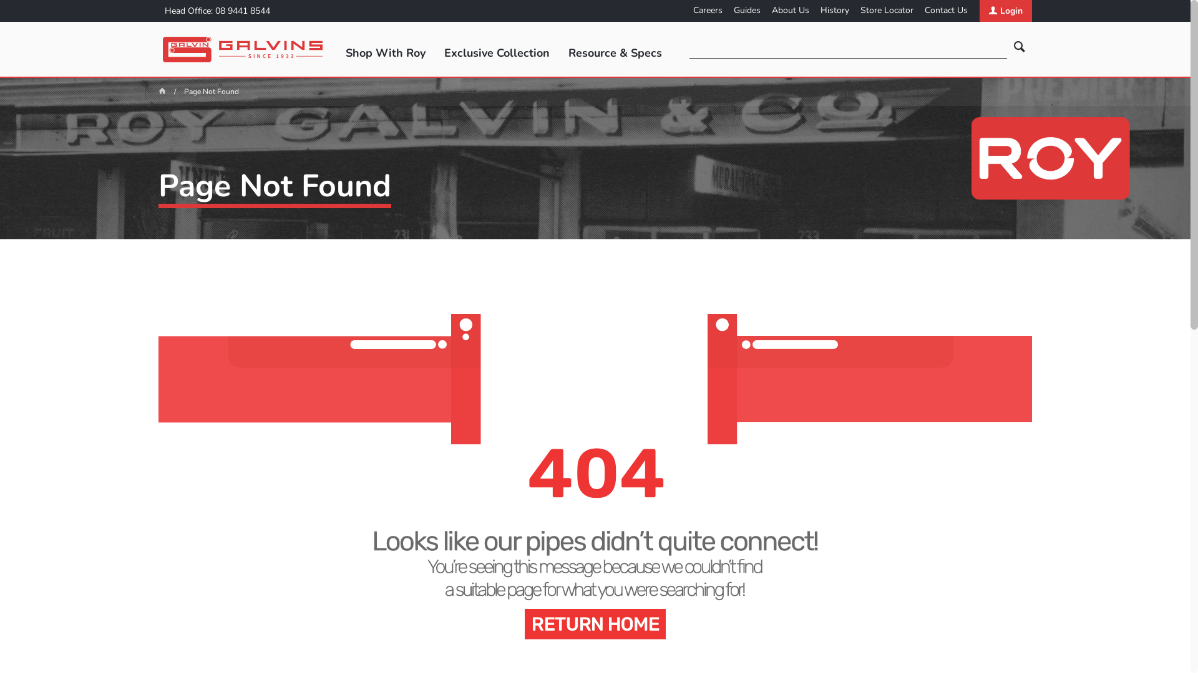 This screenshot has height=673, width=1198. What do you see at coordinates (835, 11) in the screenshot?
I see `'History'` at bounding box center [835, 11].